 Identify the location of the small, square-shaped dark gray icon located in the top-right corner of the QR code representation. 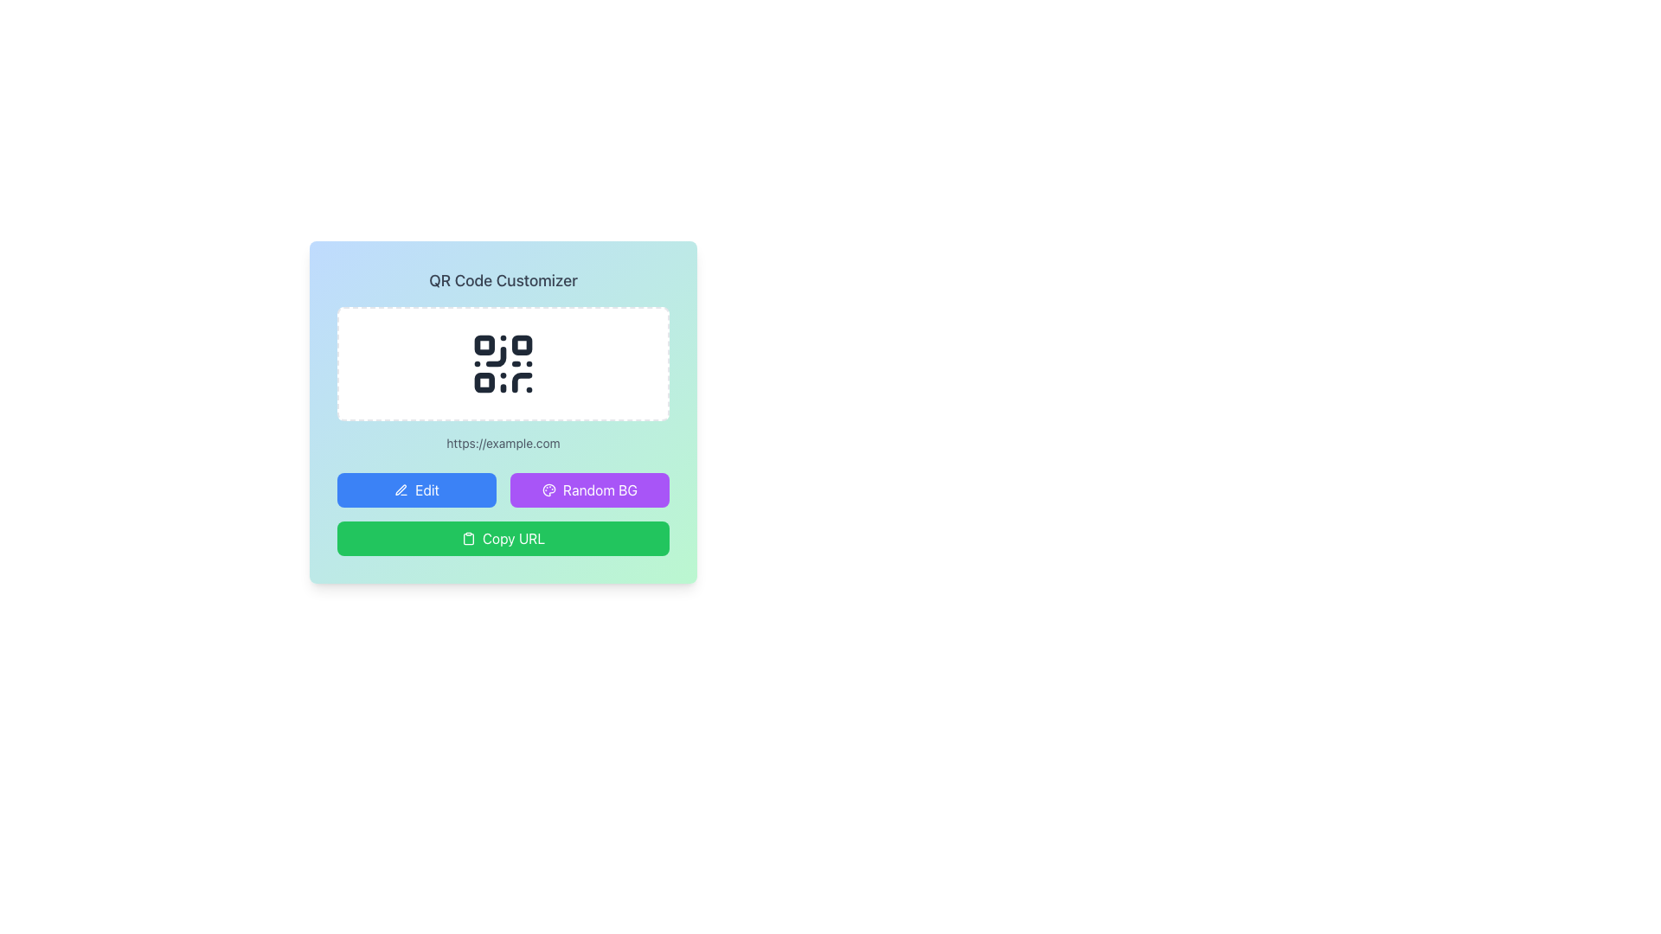
(521, 345).